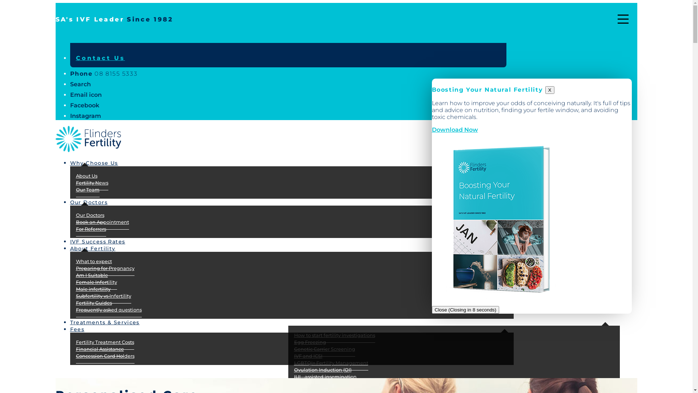 Image resolution: width=698 pixels, height=393 pixels. Describe the element at coordinates (432, 129) in the screenshot. I see `'Download Now'` at that location.